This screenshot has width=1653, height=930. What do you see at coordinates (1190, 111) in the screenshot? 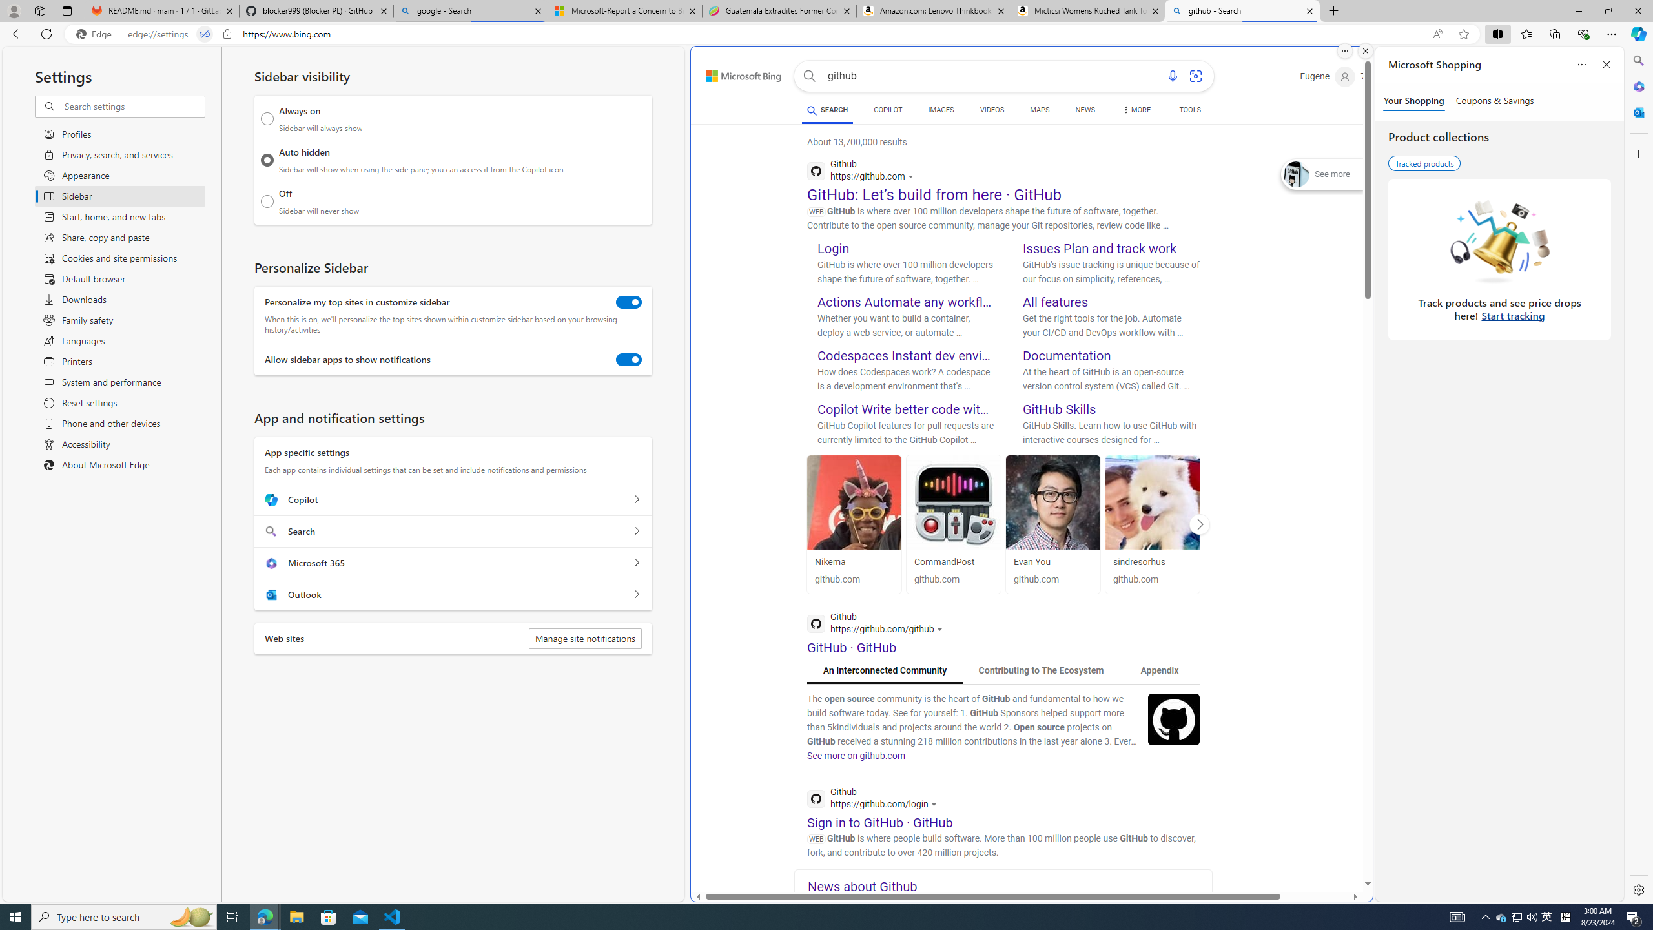
I see `'TOOLS'` at bounding box center [1190, 111].